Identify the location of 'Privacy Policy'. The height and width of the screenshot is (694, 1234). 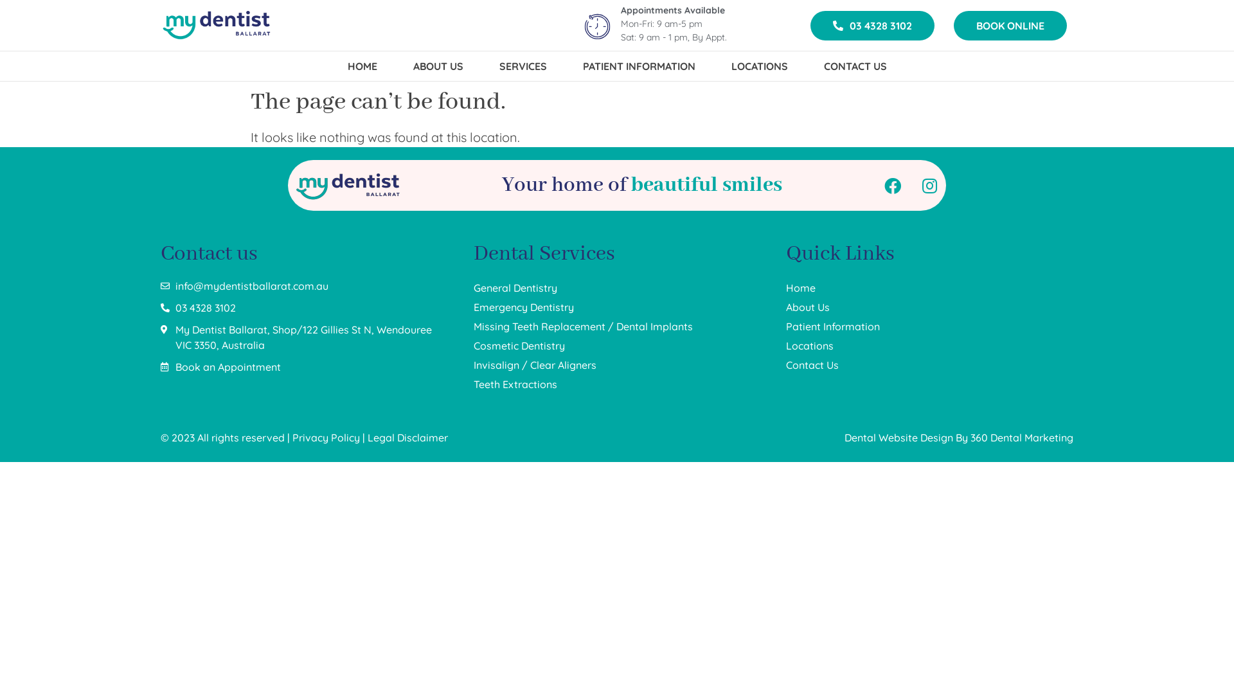
(326, 437).